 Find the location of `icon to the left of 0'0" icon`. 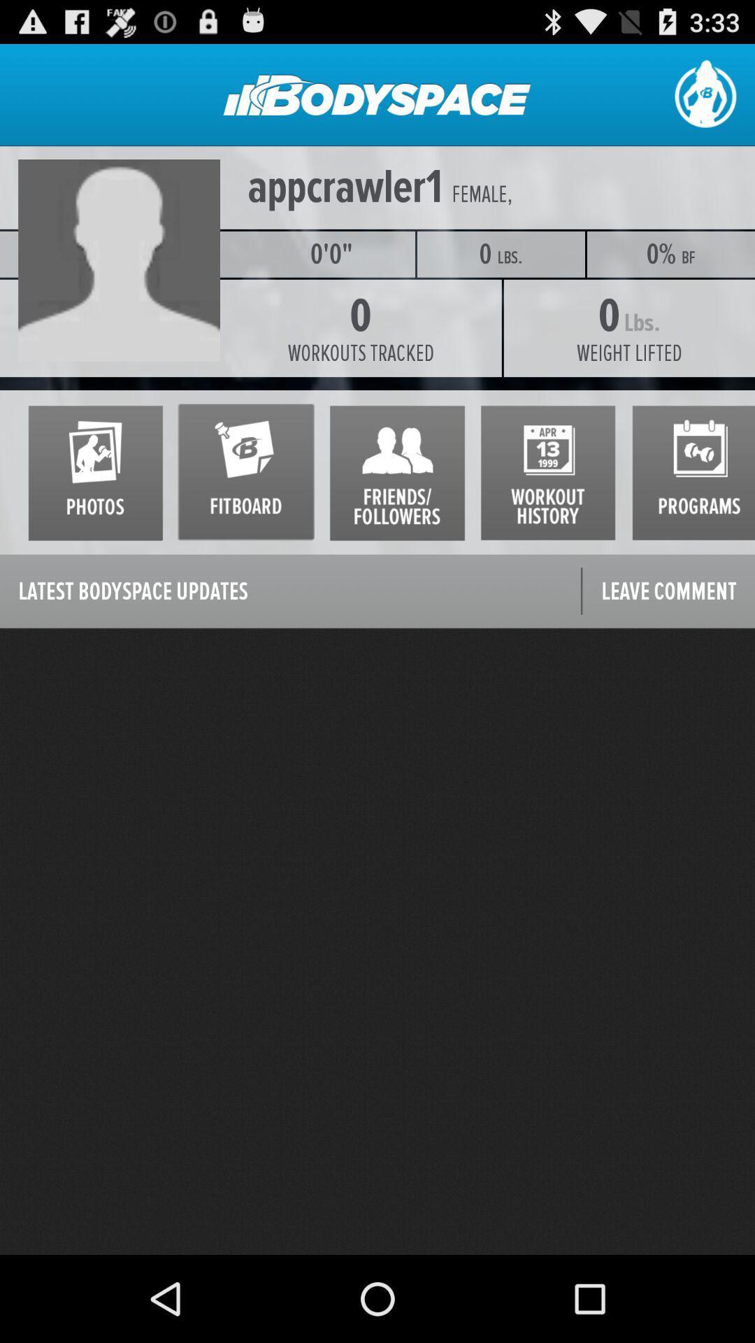

icon to the left of 0'0" icon is located at coordinates (123, 254).